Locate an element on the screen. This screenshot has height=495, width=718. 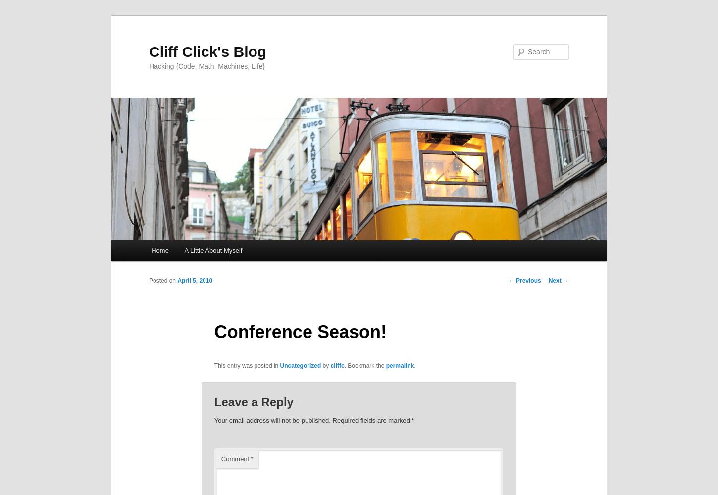
'Your email address will not be published.' is located at coordinates (272, 419).